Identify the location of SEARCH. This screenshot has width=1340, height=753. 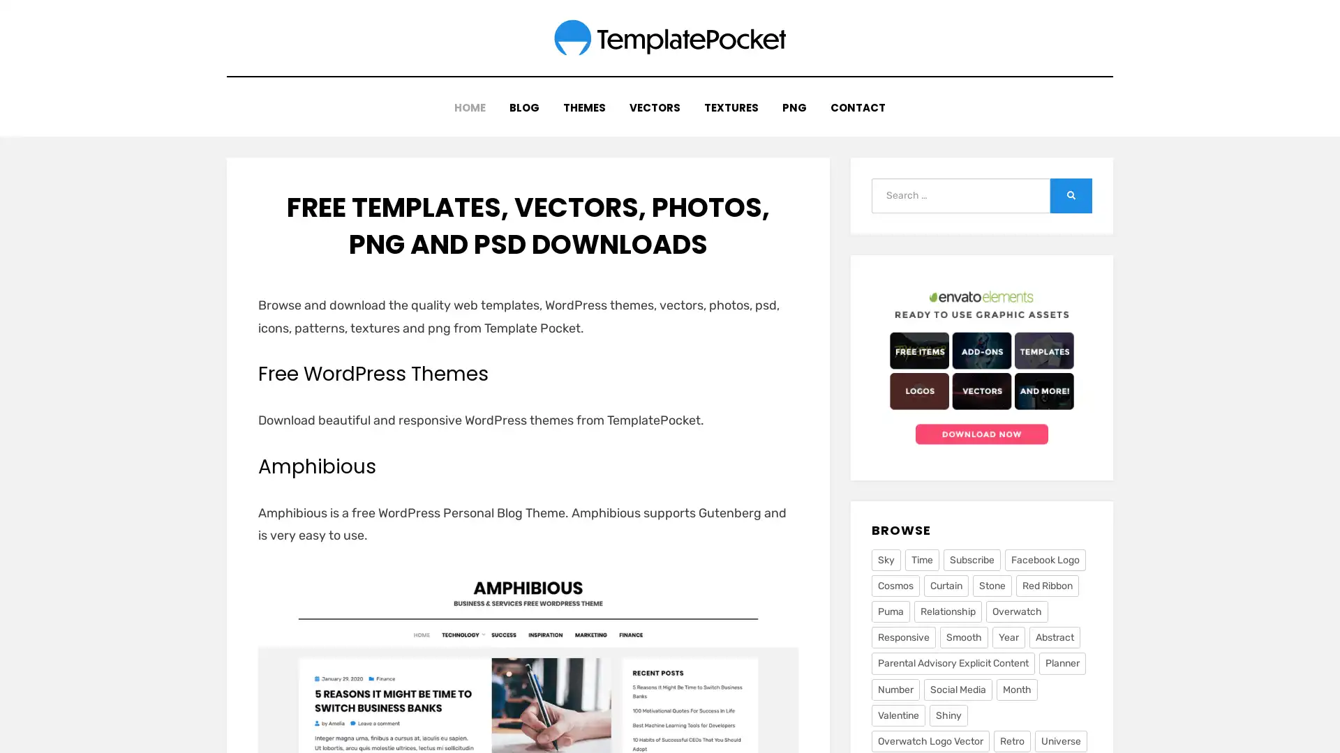
(1071, 184).